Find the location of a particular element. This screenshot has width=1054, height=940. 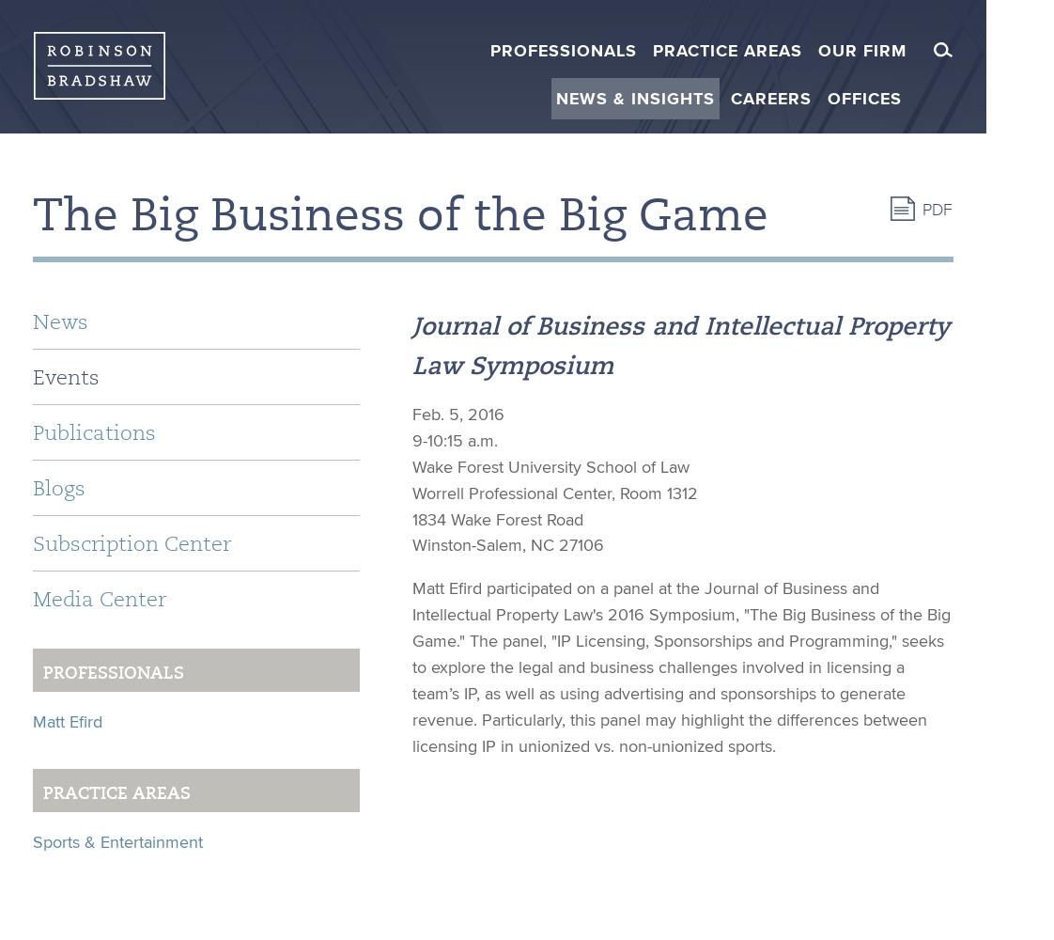

'Blogs' is located at coordinates (57, 488).